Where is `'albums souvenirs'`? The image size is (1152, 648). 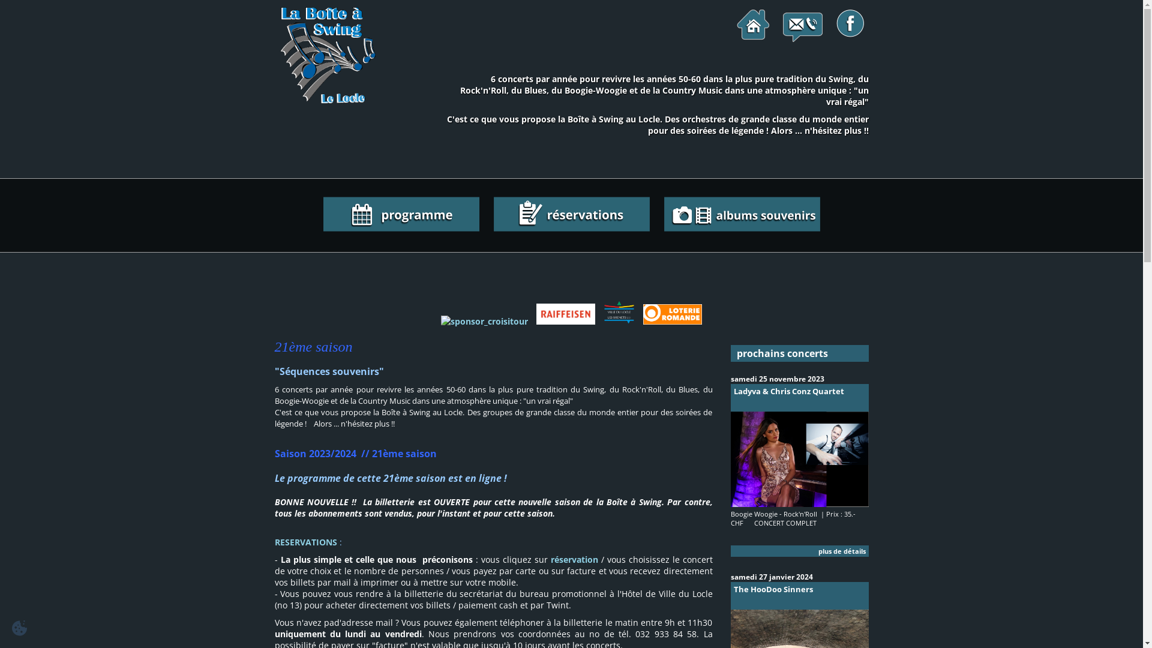 'albums souvenirs' is located at coordinates (741, 214).